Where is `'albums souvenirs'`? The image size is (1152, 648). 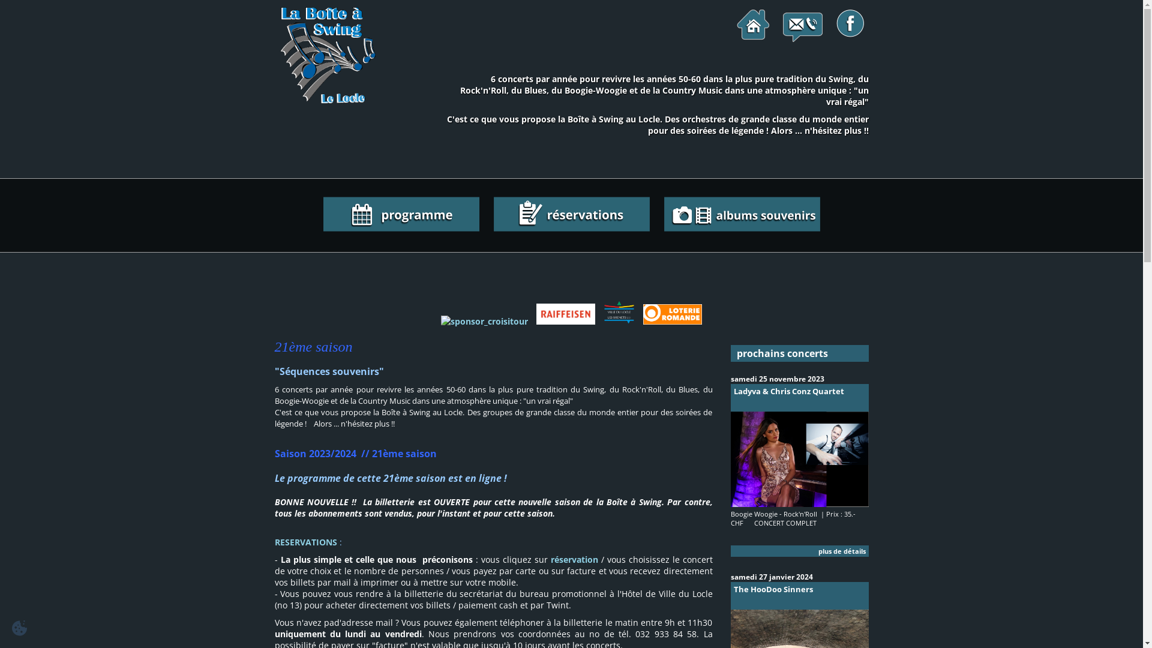 'albums souvenirs' is located at coordinates (741, 214).